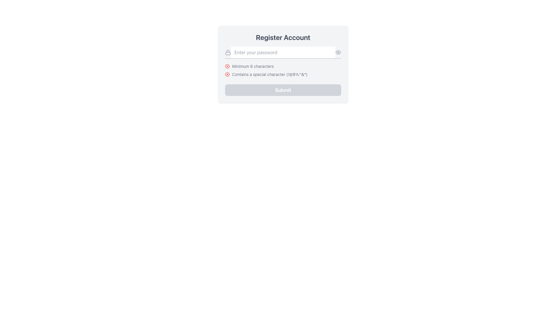  I want to click on informational static text that indicates password requirements, specifically the message about containing a special character (!@$%^&*), which is located below the 'Enter your password' input field, so click(270, 74).